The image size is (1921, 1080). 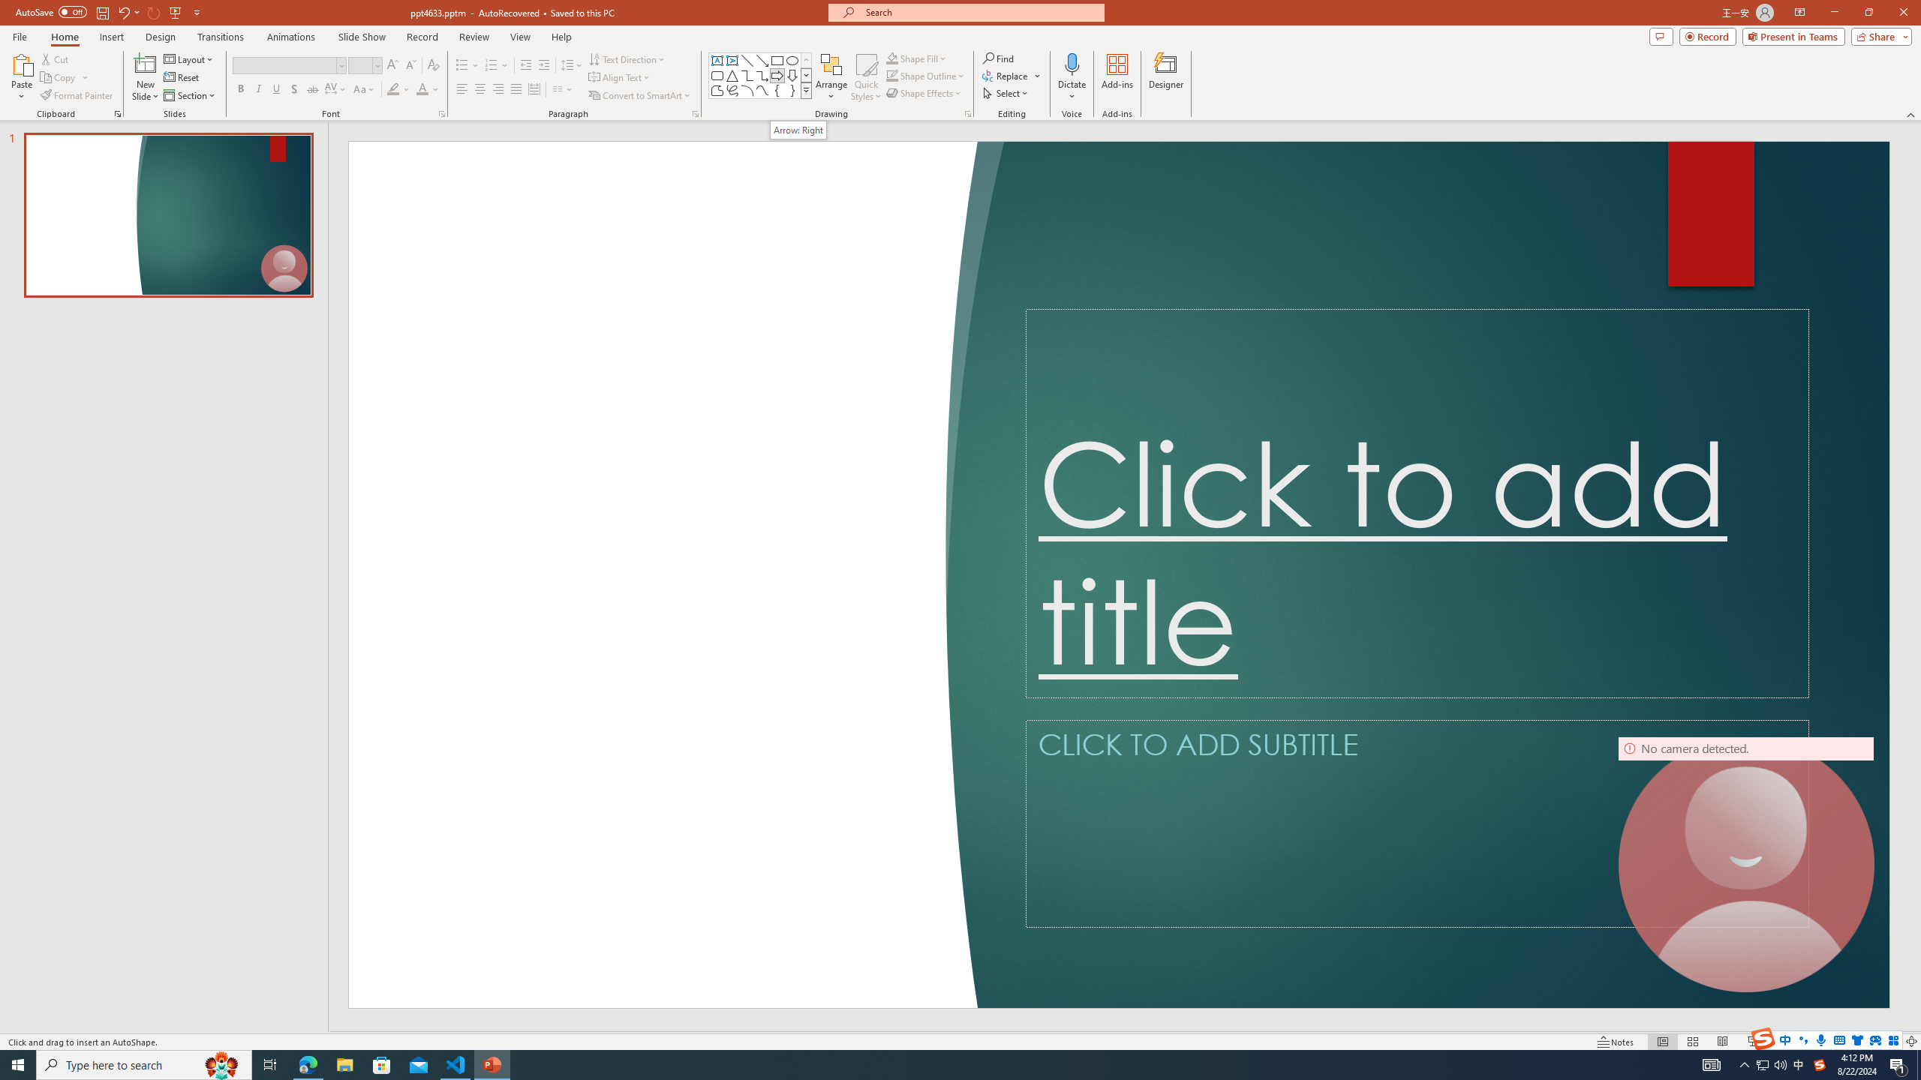 I want to click on 'Font...', so click(x=440, y=112).